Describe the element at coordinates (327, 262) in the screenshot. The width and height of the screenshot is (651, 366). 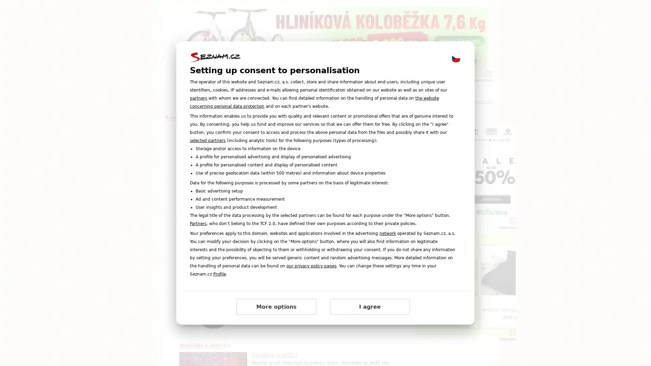
I see `Zobrazit znameni` at that location.